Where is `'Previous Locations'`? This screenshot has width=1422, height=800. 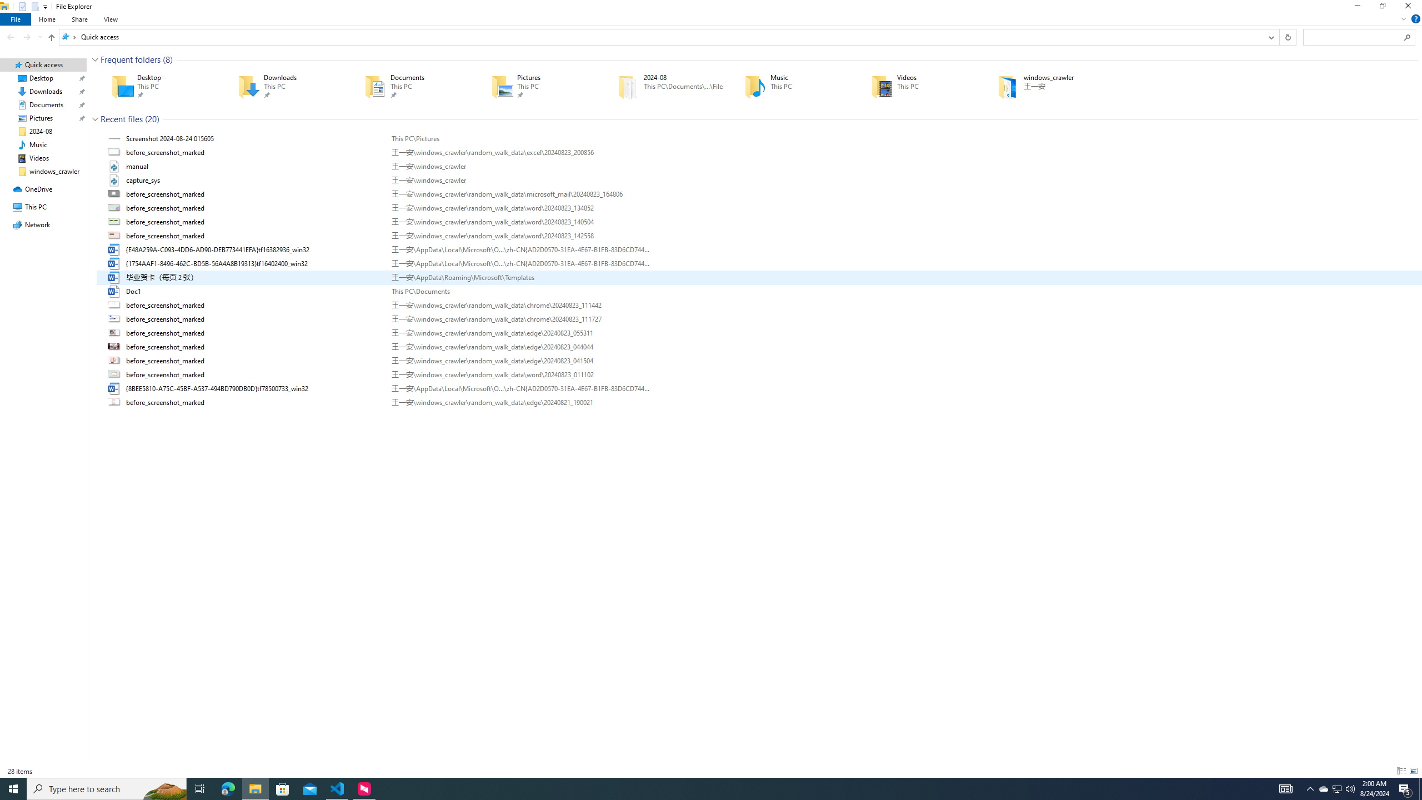
'Previous Locations' is located at coordinates (1270, 36).